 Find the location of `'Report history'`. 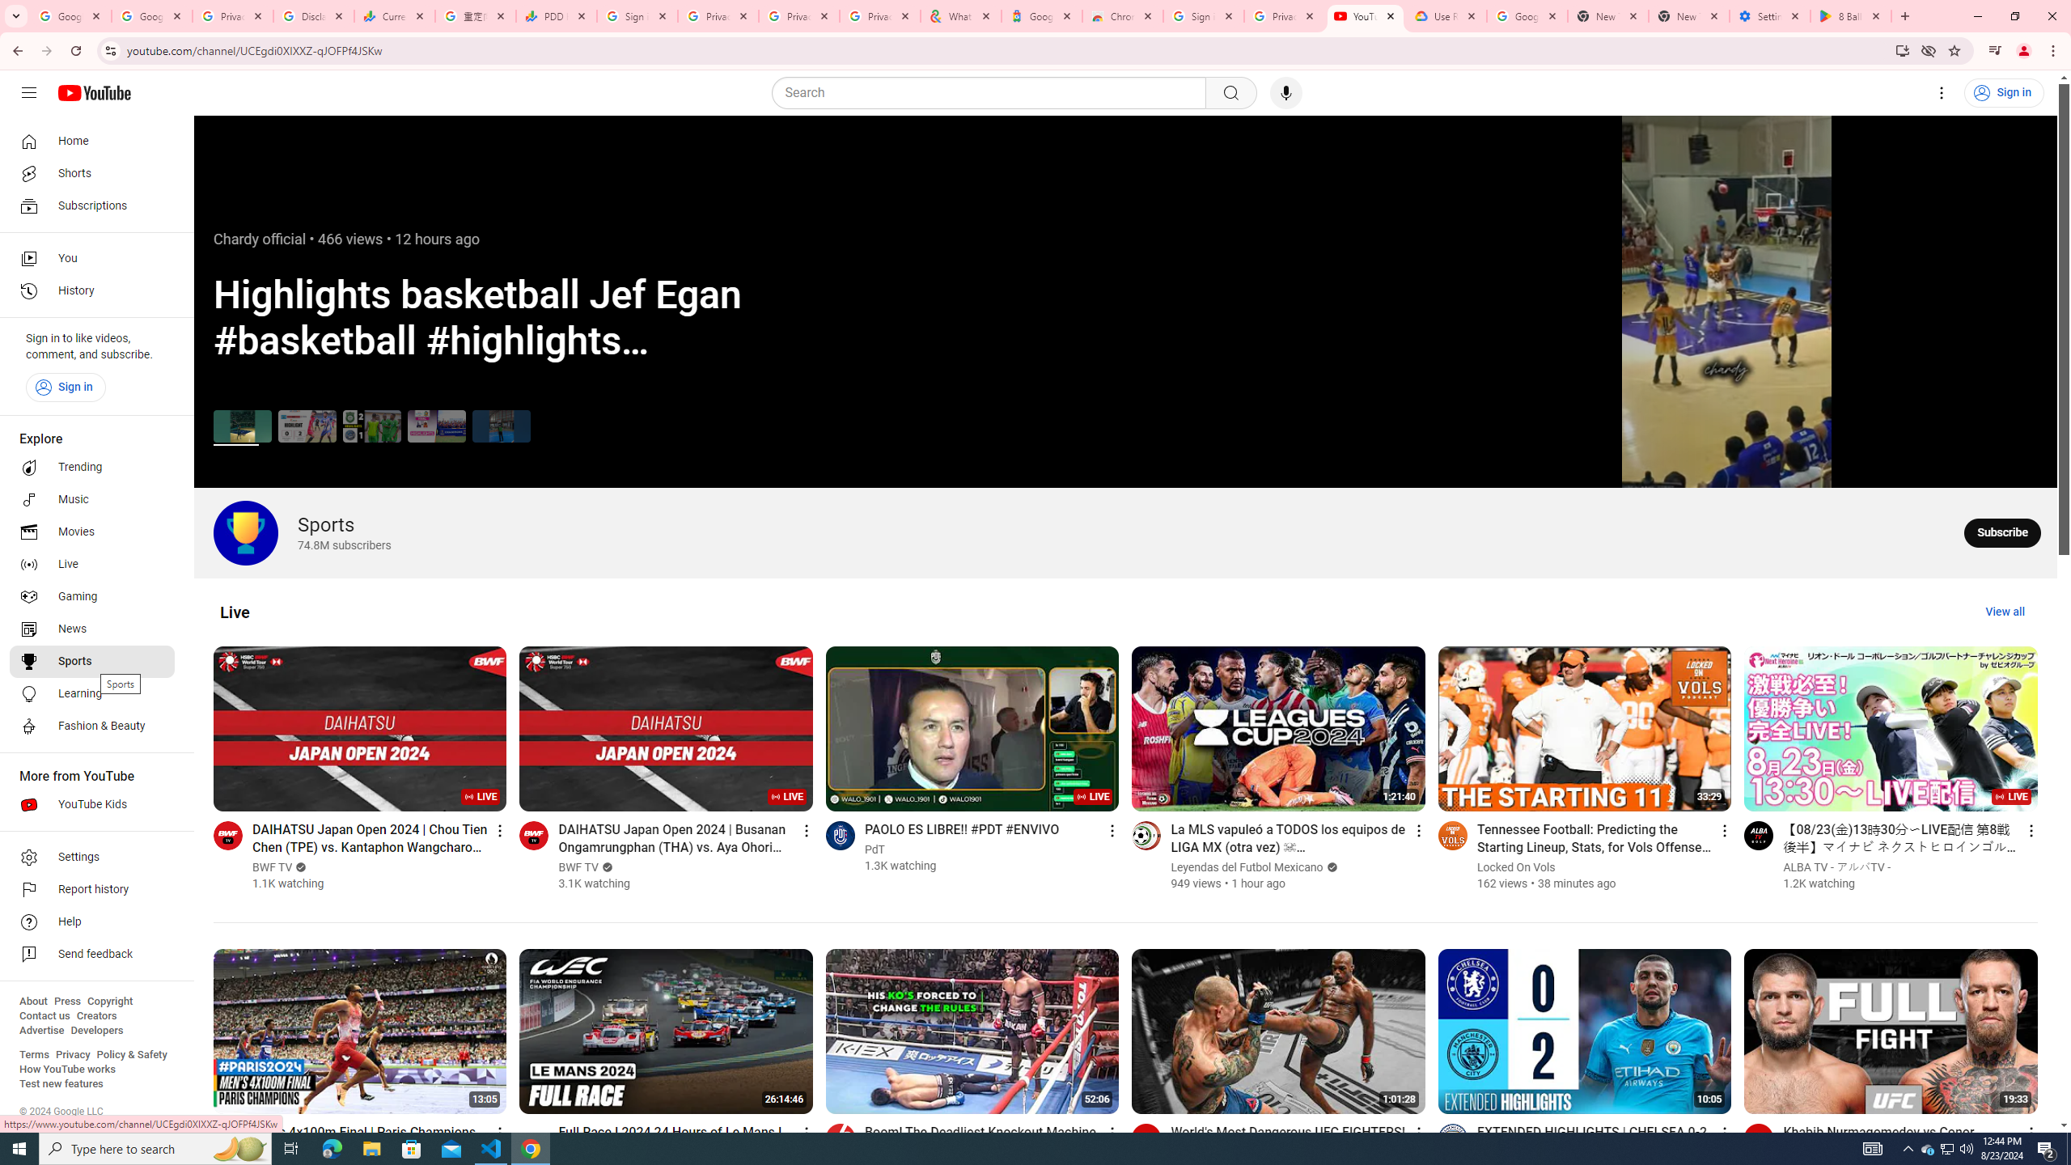

'Report history' is located at coordinates (91, 889).